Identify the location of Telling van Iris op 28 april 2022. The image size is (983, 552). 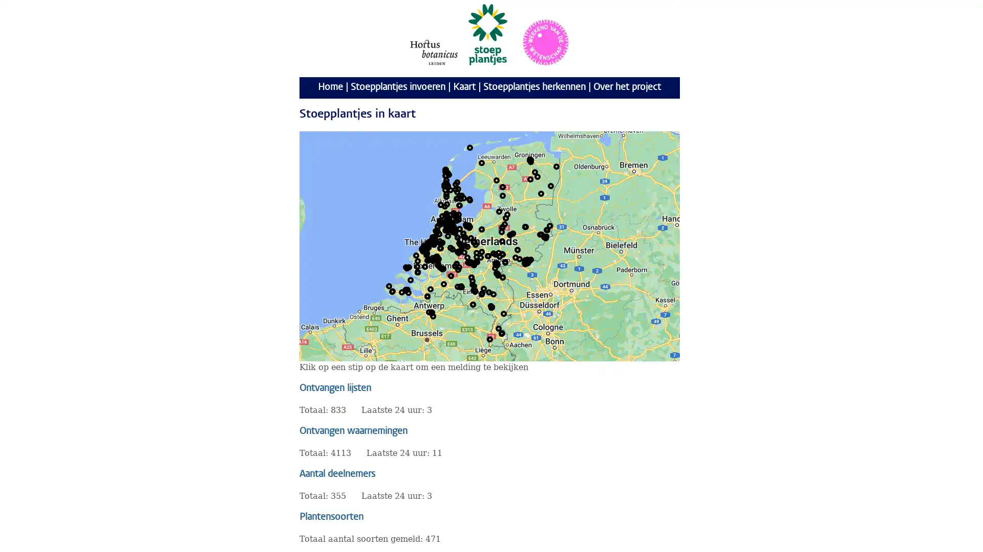
(474, 241).